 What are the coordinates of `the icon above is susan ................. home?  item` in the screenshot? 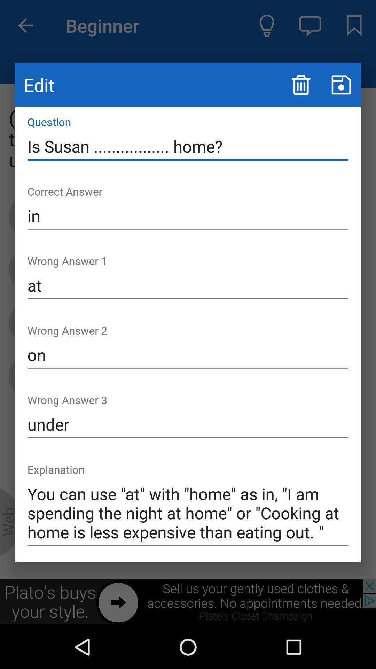 It's located at (341, 84).